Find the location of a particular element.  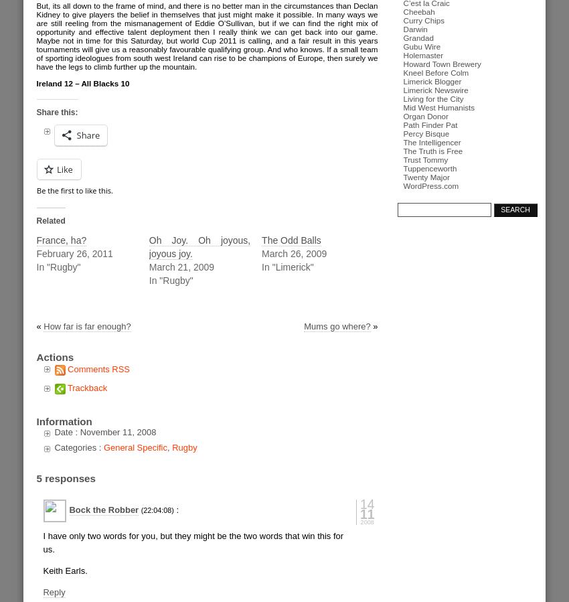

'Share' is located at coordinates (88, 135).